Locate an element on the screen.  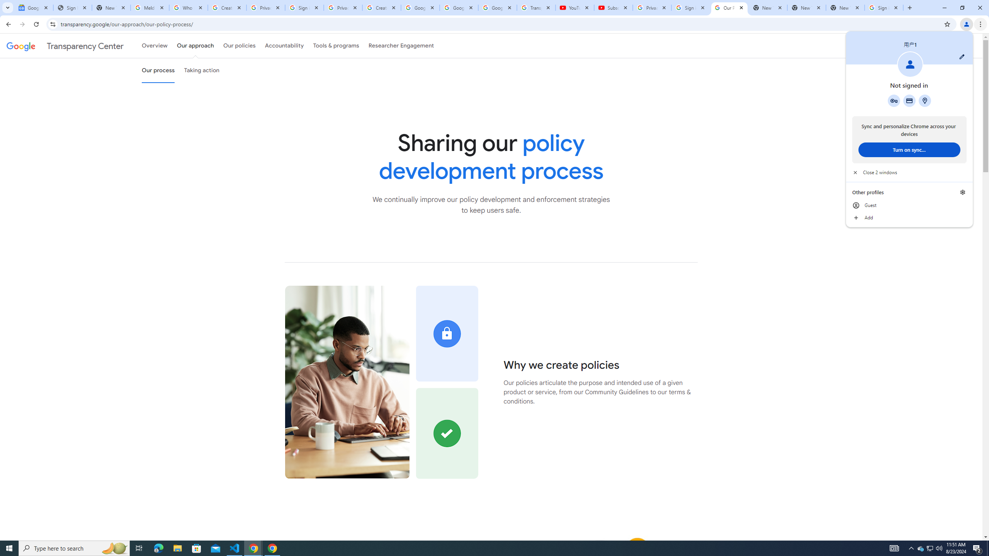
'Action Center, 2 new notifications' is located at coordinates (977, 548).